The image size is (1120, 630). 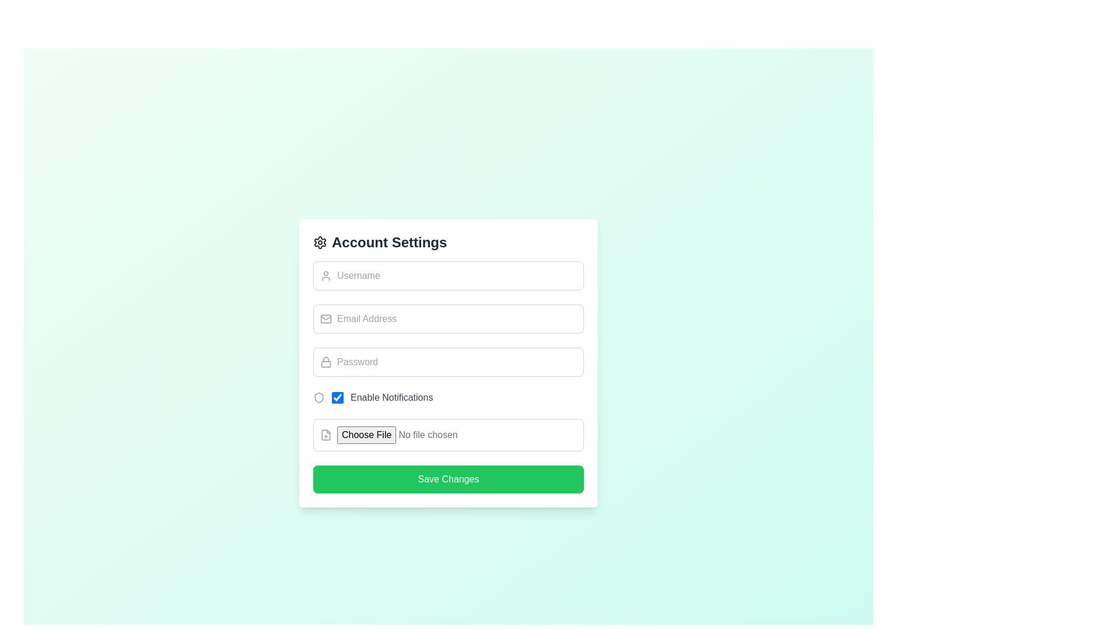 What do you see at coordinates (325, 319) in the screenshot?
I see `the Decorative Icon of an envelope, which symbolizes mail, located to the left of the 'Email Address' input field` at bounding box center [325, 319].